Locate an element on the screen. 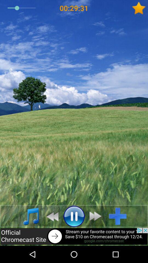 The width and height of the screenshot is (148, 263). show playlist is located at coordinates (28, 216).